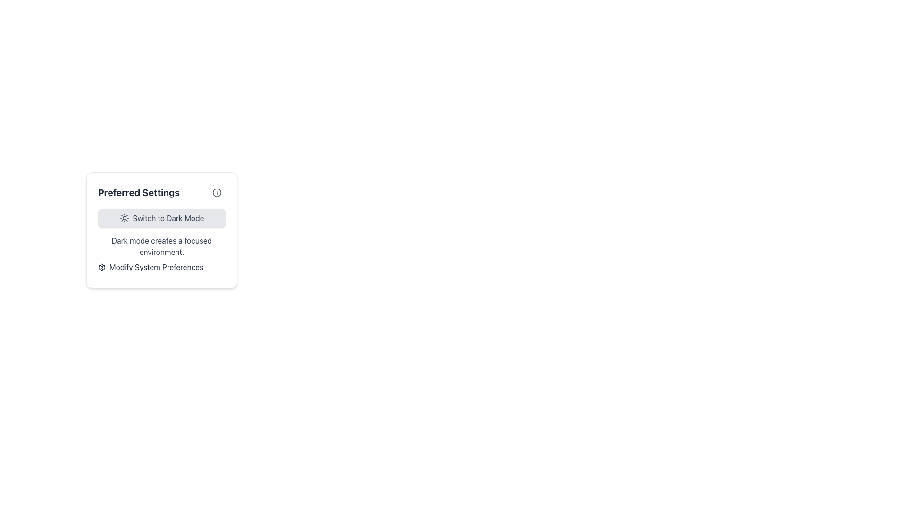 The image size is (906, 509). What do you see at coordinates (150, 267) in the screenshot?
I see `the button labeled 'Preferred Settings' located at the bottom right of the card that allows users` at bounding box center [150, 267].